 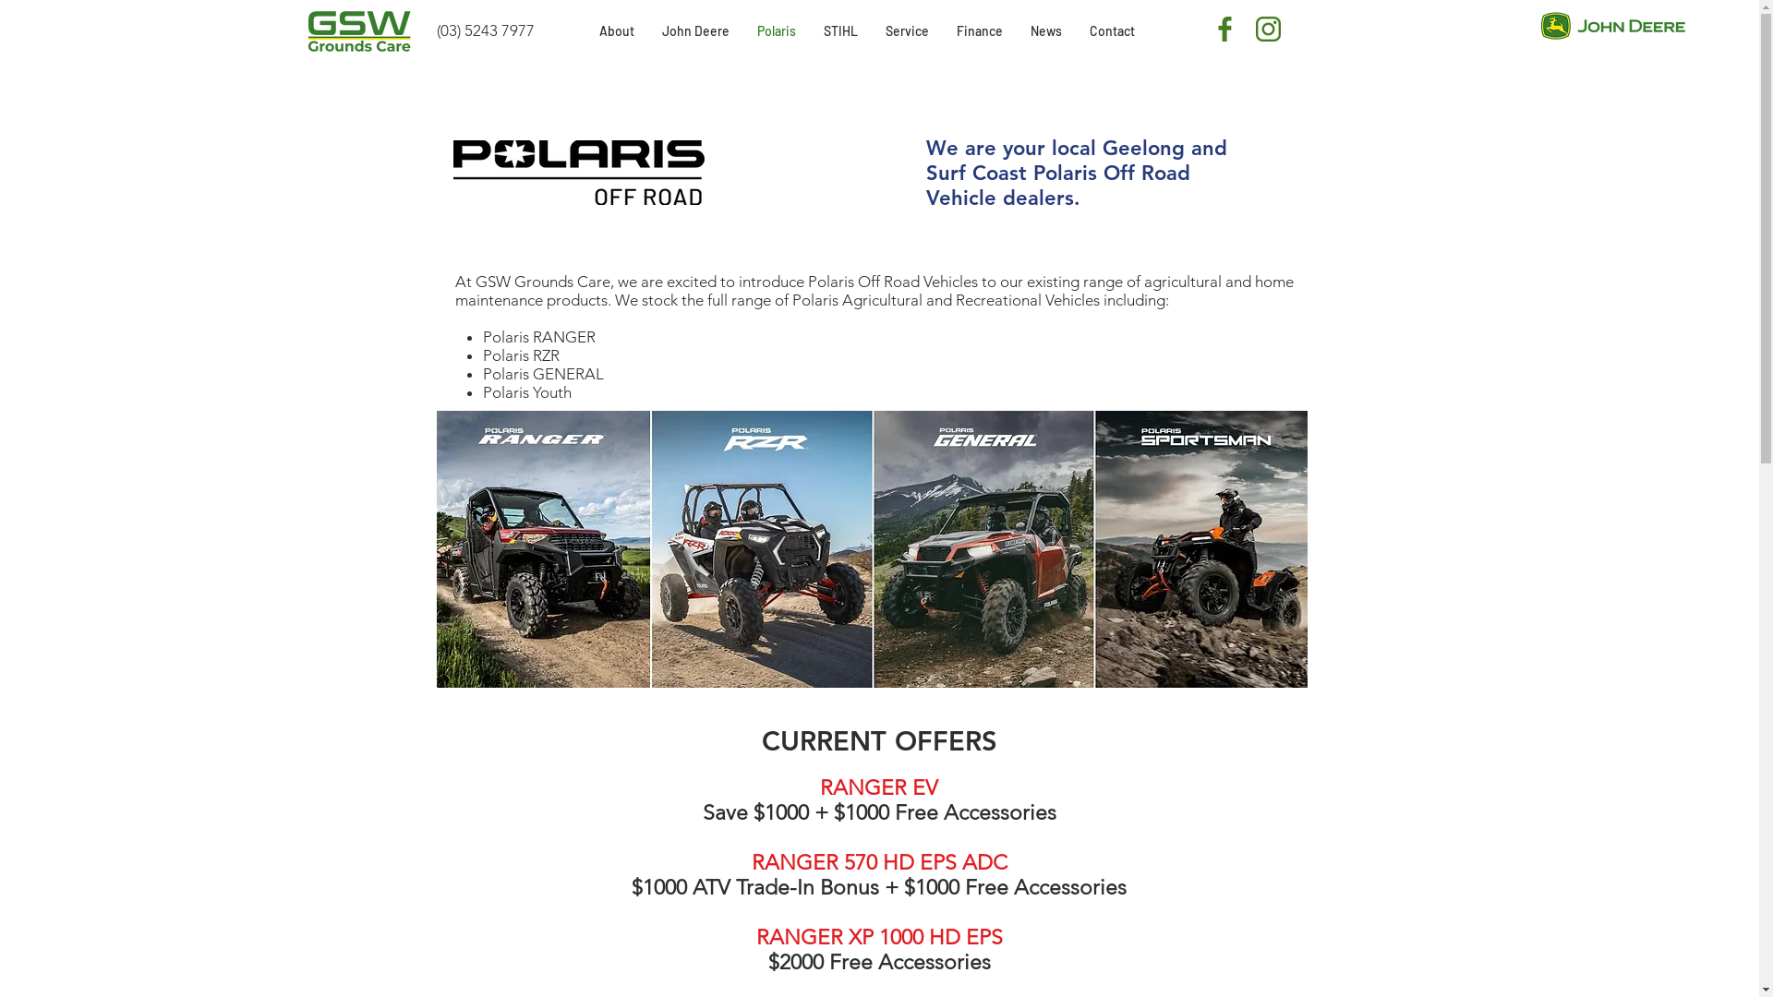 I want to click on 'STIHL', so click(x=838, y=30).